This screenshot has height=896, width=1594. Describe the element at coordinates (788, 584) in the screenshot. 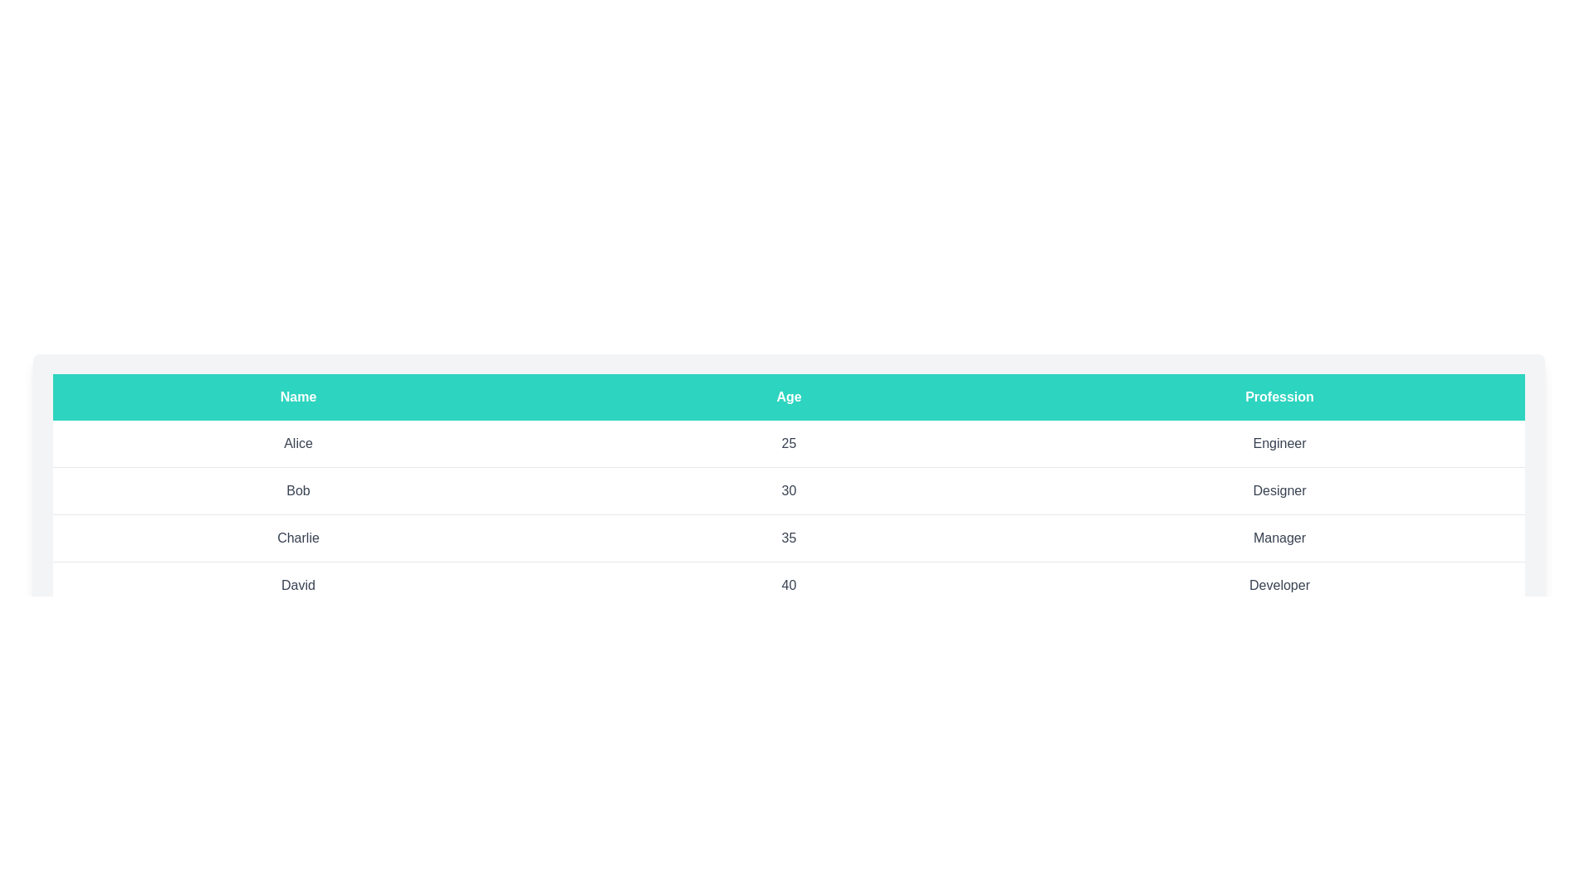

I see `text in the table cell that indicates the age of the individual named 'David', located in the second cell of his row and in the age column` at that location.